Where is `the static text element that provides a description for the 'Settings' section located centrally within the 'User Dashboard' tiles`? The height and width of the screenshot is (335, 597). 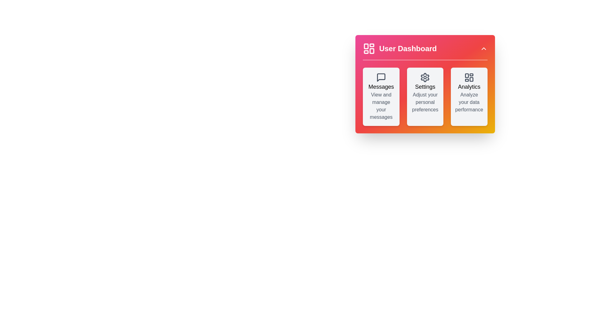
the static text element that provides a description for the 'Settings' section located centrally within the 'User Dashboard' tiles is located at coordinates (425, 102).